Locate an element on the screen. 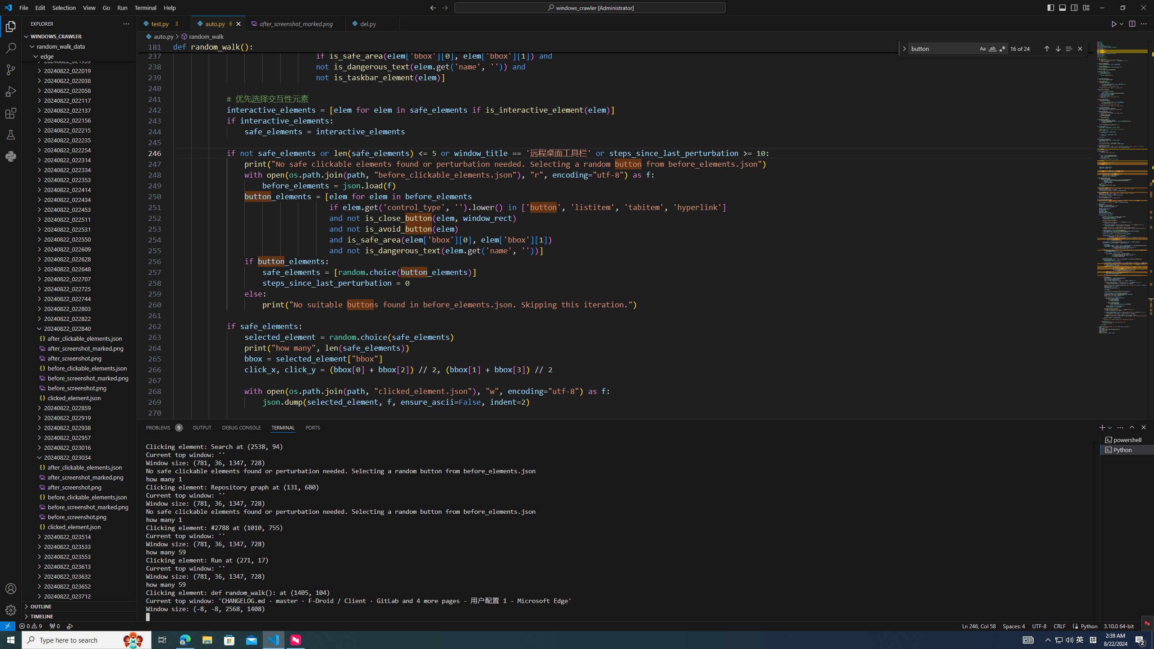 The height and width of the screenshot is (649, 1154). 'Launch Profile...' is located at coordinates (1110, 427).